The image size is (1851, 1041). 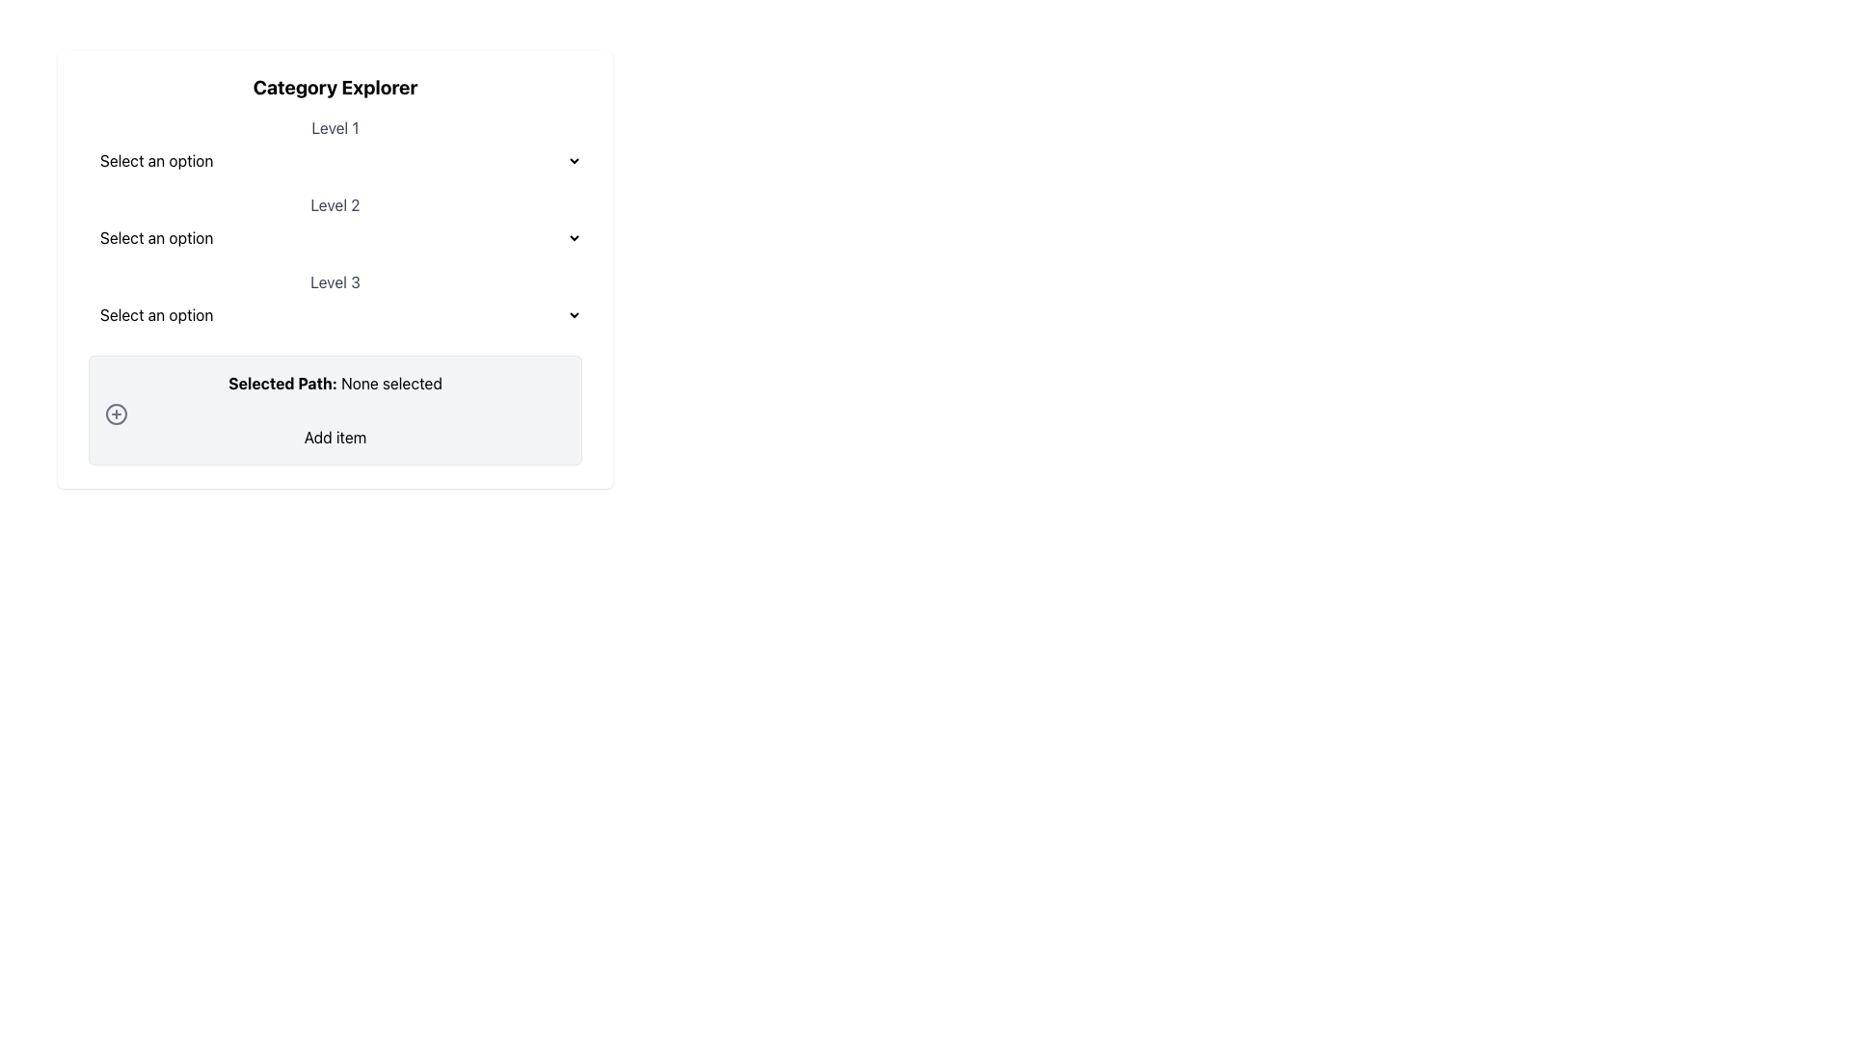 I want to click on the label displaying 'Level 2' styled in bold, dark-gray font, positioned above a dropdown menu, so click(x=335, y=204).